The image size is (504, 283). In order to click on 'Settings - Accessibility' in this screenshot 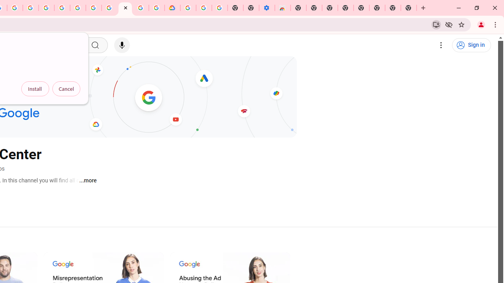, I will do `click(267, 8)`.